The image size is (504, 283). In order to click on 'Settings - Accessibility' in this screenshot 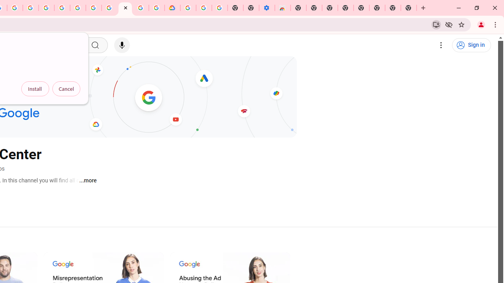, I will do `click(267, 8)`.